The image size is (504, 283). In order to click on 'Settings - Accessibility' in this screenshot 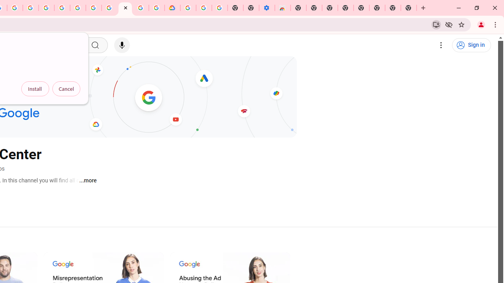, I will do `click(267, 8)`.